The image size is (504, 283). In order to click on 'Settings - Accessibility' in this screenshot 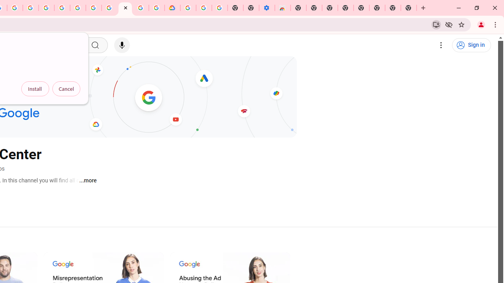, I will do `click(267, 8)`.